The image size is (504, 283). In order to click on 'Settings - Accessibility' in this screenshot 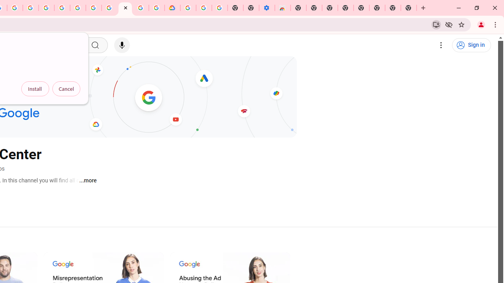, I will do `click(267, 8)`.